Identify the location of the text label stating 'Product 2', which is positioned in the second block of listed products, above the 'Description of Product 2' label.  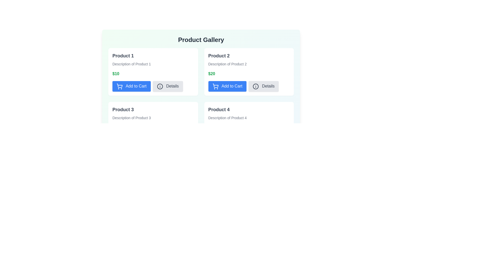
(219, 56).